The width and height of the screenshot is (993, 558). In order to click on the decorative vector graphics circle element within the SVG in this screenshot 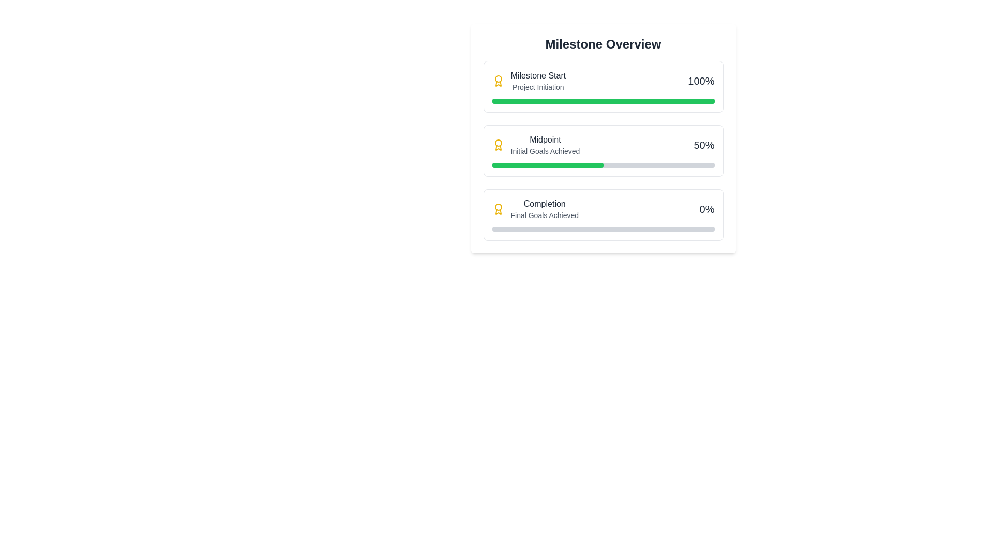, I will do `click(498, 143)`.